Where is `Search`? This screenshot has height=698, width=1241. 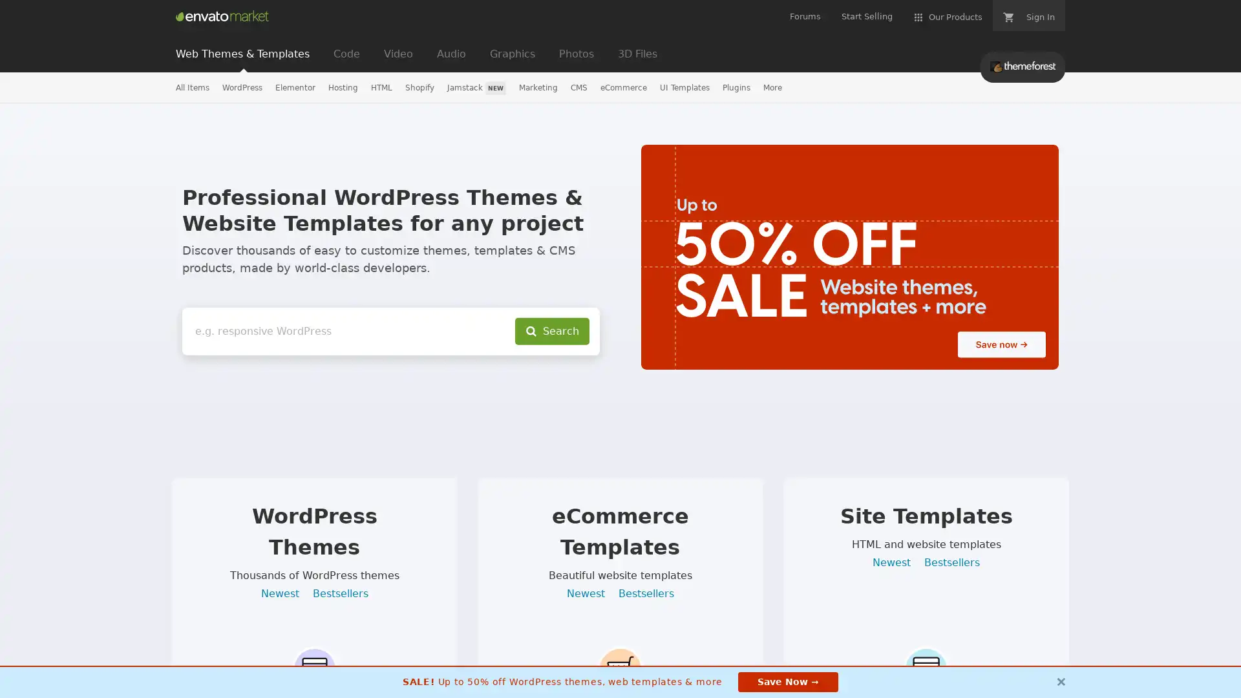 Search is located at coordinates (552, 330).